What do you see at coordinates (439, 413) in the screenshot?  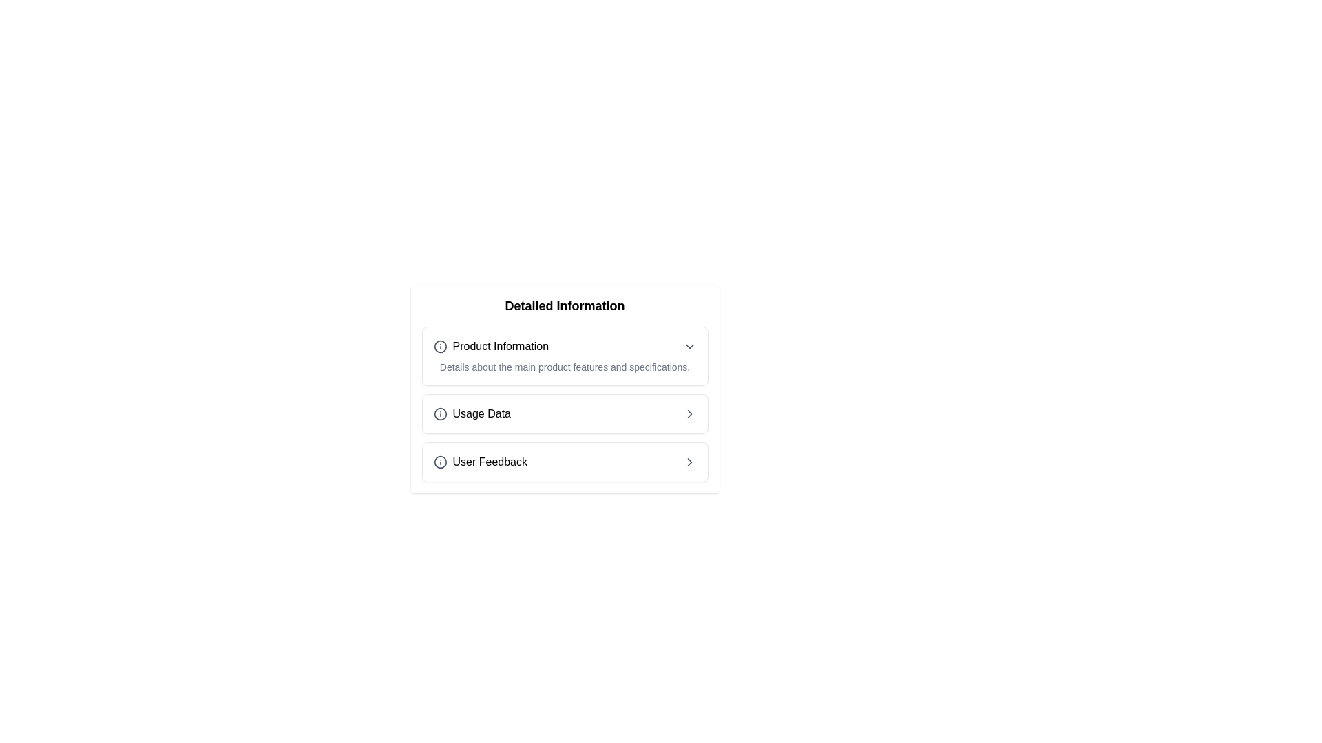 I see `the icon located in the leftmost part of the 'Usage Data' item row` at bounding box center [439, 413].